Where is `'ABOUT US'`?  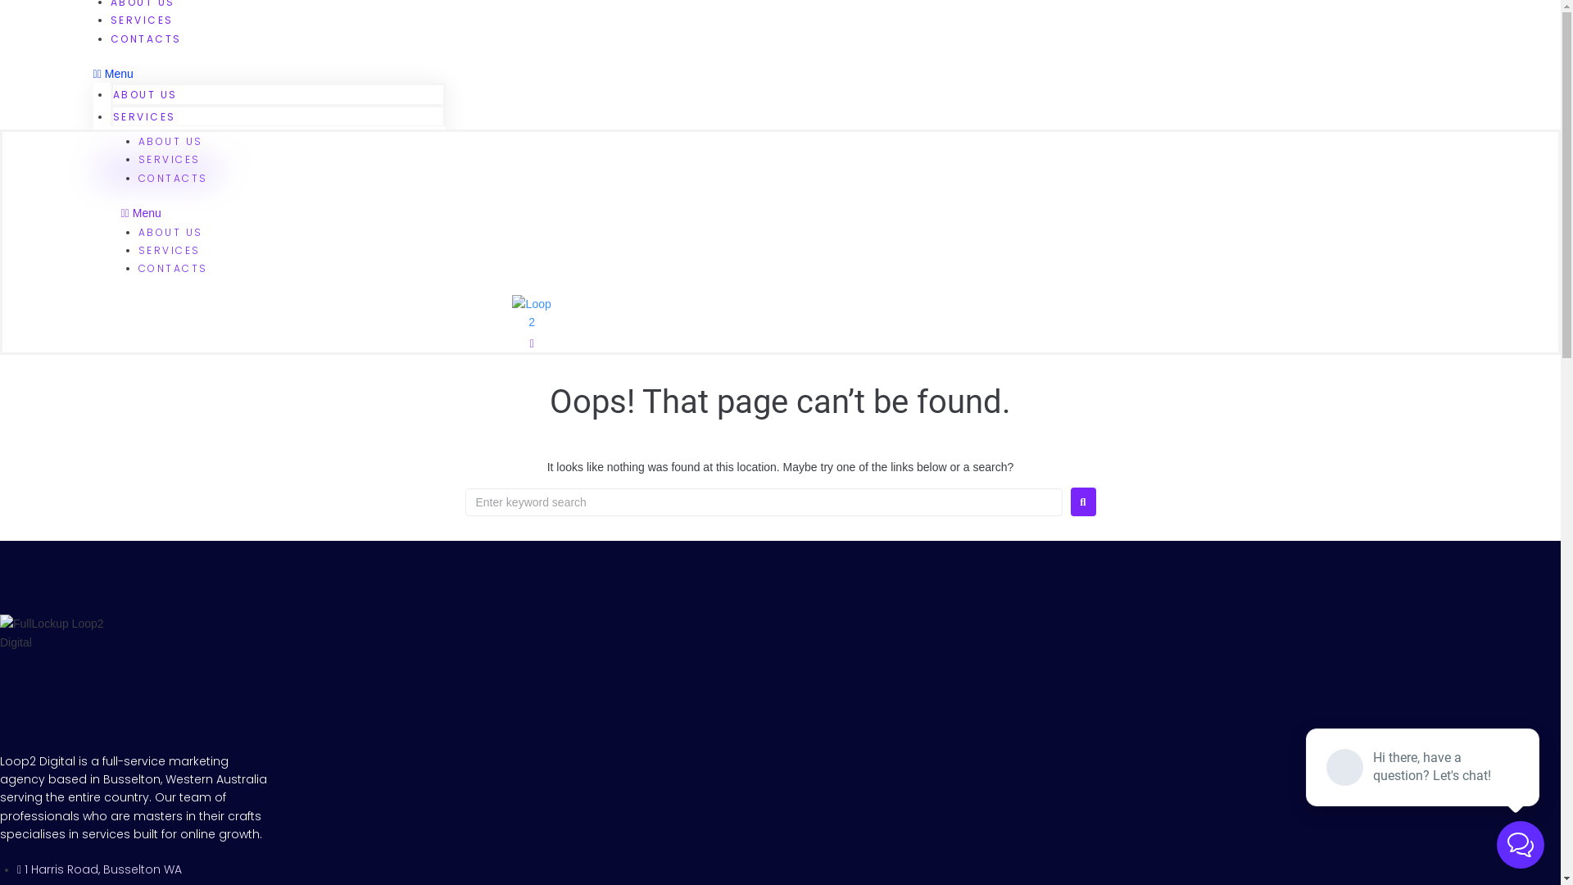
'ABOUT US' is located at coordinates (170, 140).